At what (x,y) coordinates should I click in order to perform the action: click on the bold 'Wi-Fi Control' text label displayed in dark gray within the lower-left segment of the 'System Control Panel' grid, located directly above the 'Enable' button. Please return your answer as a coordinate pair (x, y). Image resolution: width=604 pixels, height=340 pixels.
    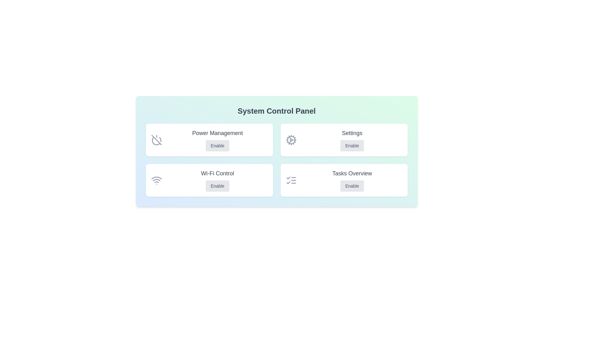
    Looking at the image, I should click on (217, 173).